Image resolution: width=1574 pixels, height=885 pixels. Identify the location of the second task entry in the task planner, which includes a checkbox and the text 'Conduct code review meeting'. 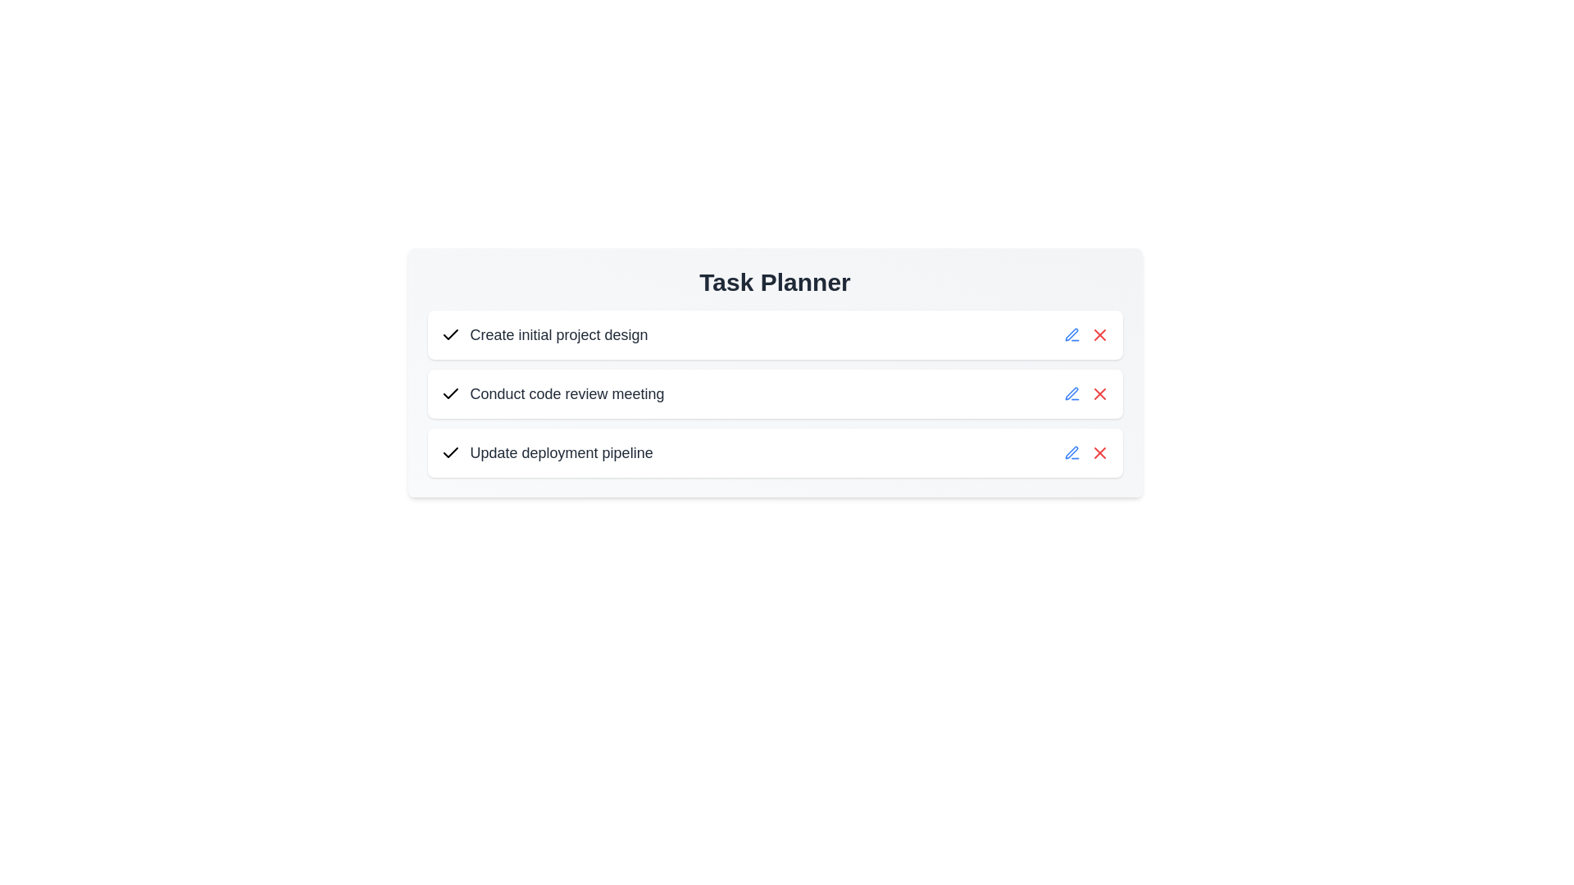
(553, 394).